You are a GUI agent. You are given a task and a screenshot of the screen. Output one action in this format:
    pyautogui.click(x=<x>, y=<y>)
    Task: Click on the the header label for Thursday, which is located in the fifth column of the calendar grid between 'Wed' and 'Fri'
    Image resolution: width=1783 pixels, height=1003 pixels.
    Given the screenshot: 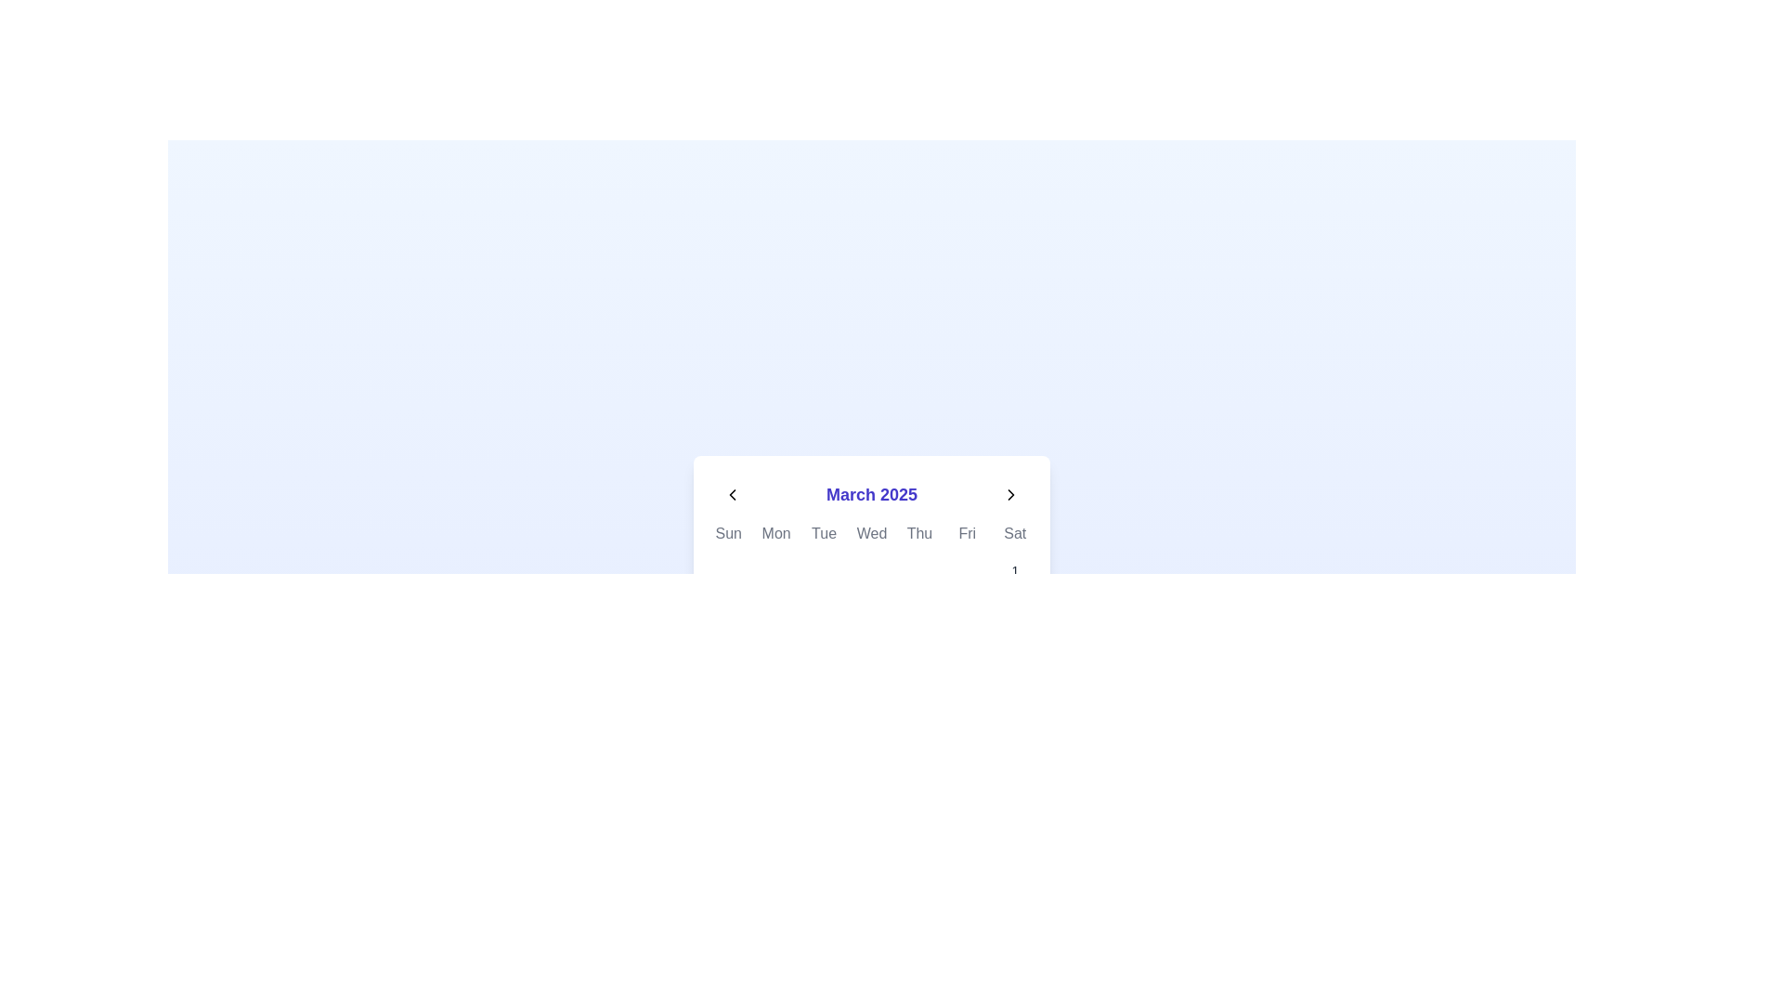 What is the action you would take?
    pyautogui.click(x=919, y=533)
    